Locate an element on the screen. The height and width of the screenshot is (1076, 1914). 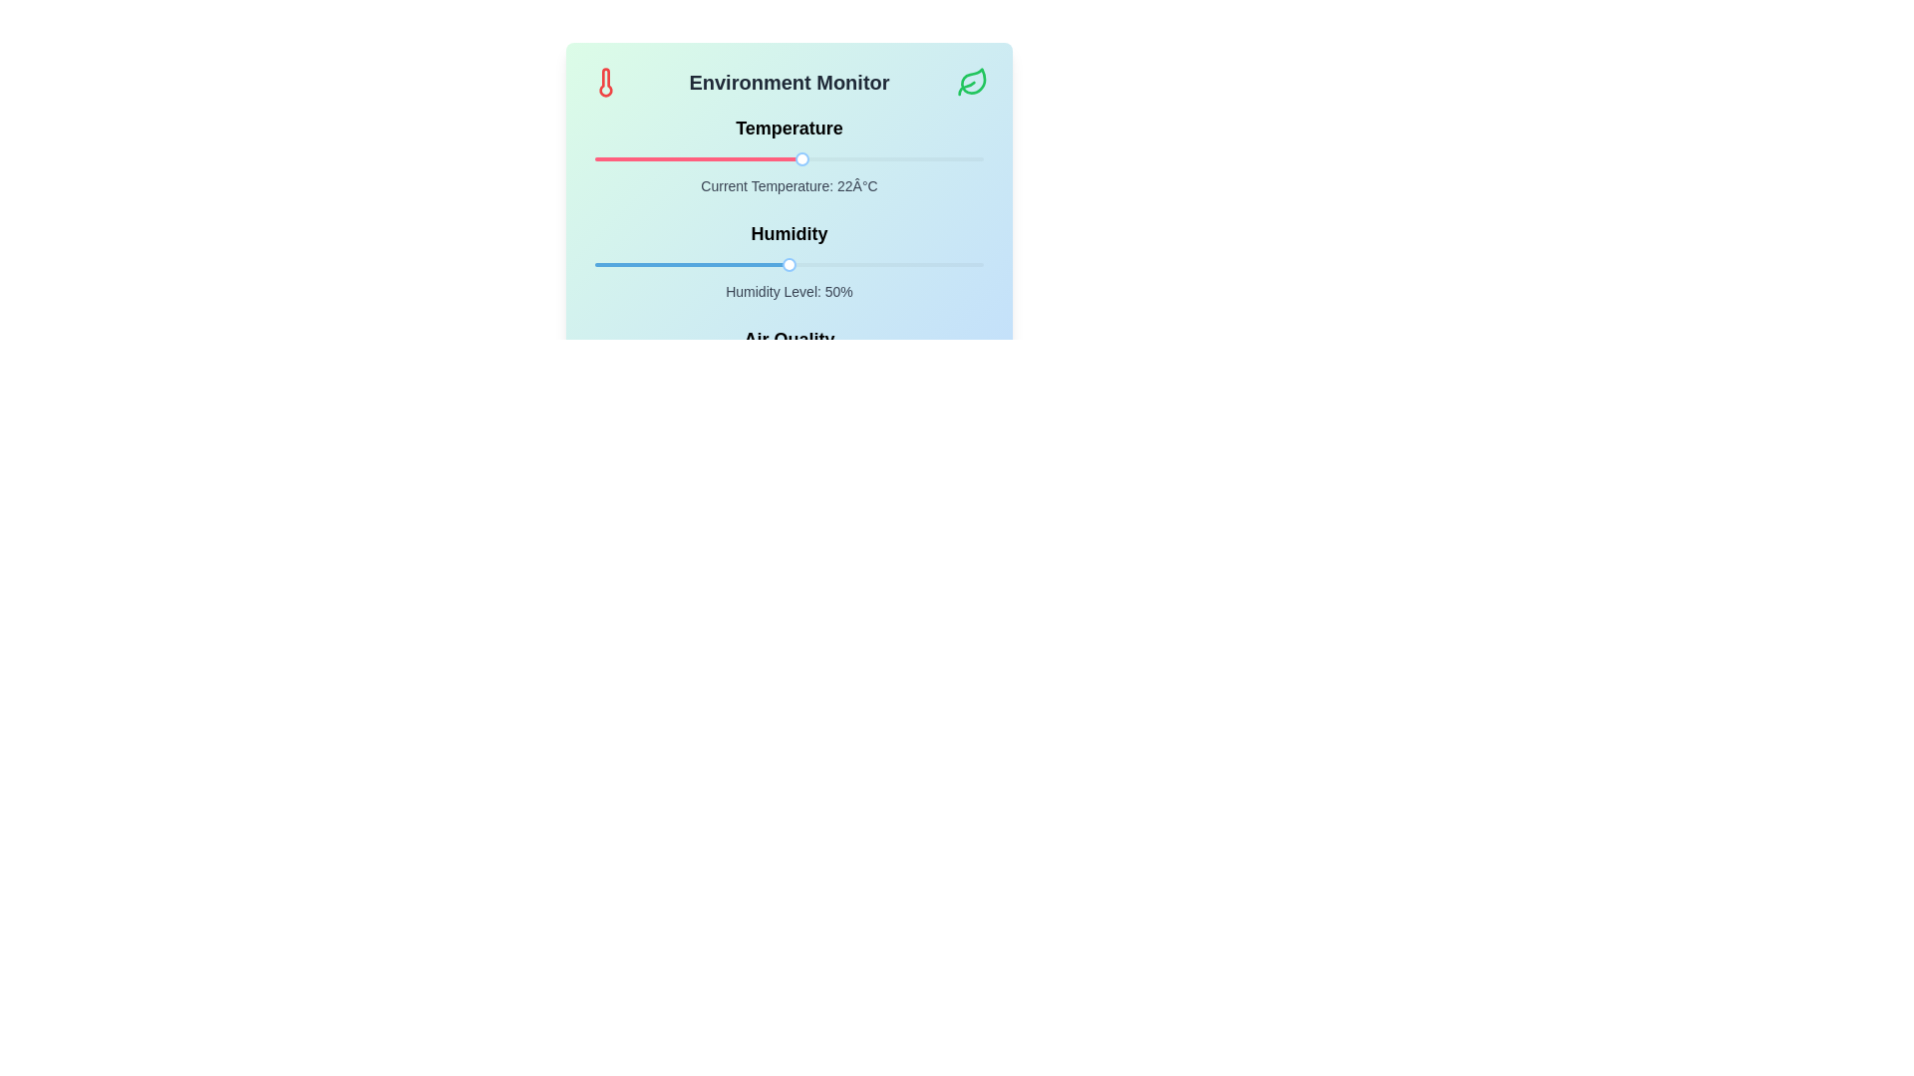
the humidity is located at coordinates (746, 264).